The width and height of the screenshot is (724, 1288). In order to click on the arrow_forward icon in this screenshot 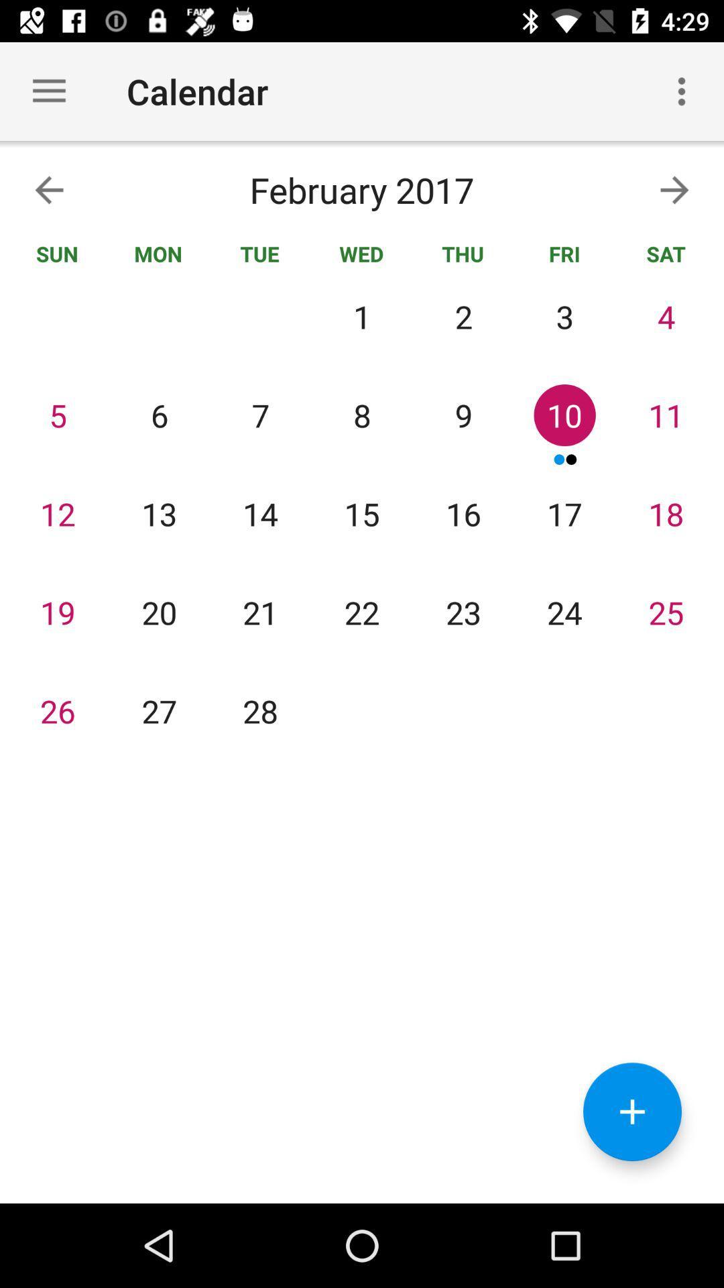, I will do `click(674, 189)`.